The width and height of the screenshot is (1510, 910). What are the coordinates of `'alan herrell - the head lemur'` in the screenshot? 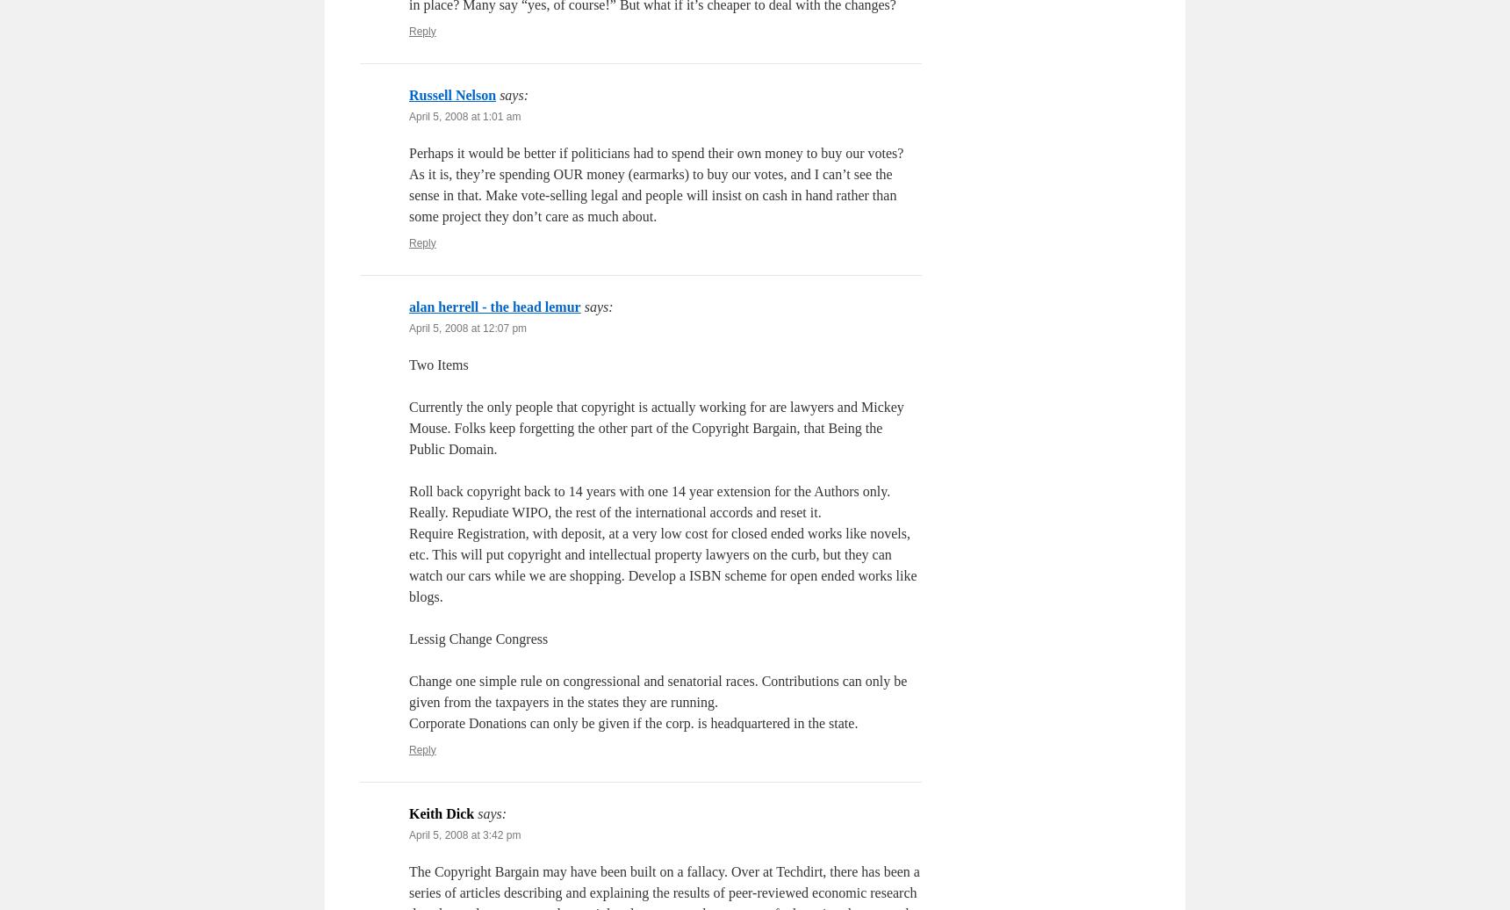 It's located at (494, 306).